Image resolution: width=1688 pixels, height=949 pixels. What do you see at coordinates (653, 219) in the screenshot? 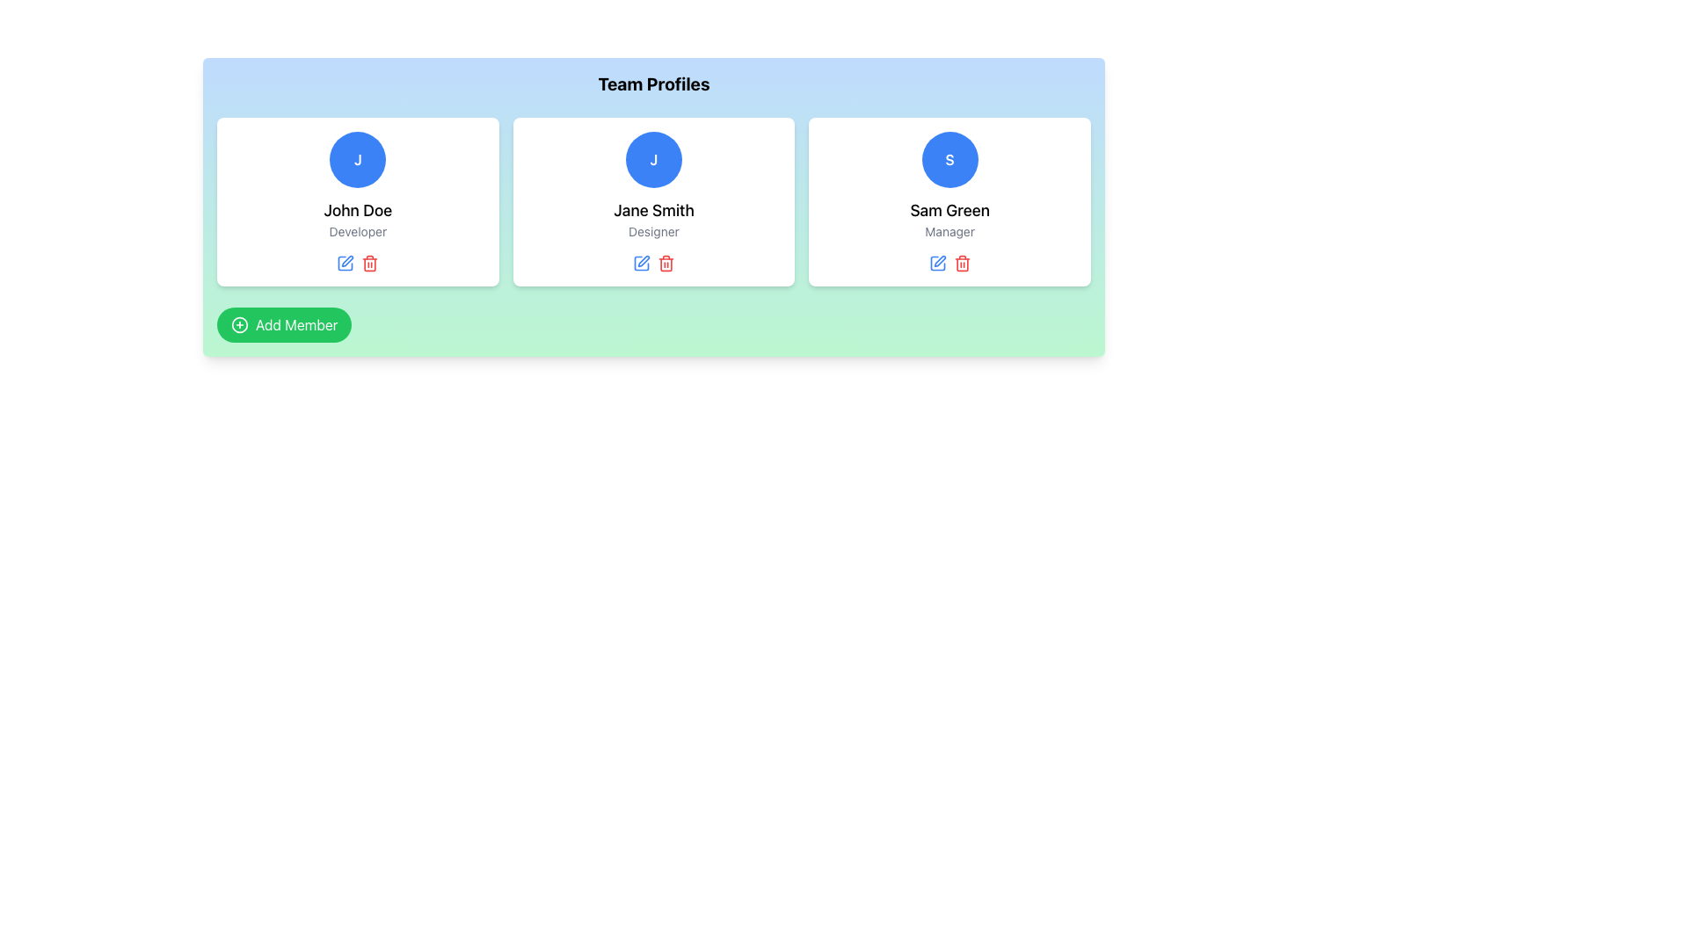
I see `the text display featuring 'Jane Smith' and 'Designer' in the Team Profiles section to read the details` at bounding box center [653, 219].